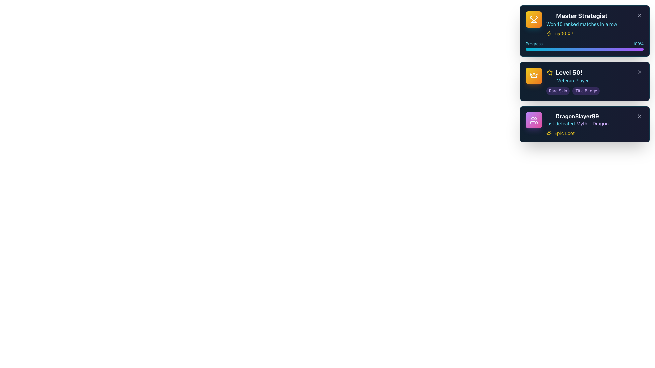 Image resolution: width=655 pixels, height=368 pixels. Describe the element at coordinates (533, 75) in the screenshot. I see `the crown icon representing the 'Level 50!' achievement located in the second notification card from the top in the right-hand column of the interface` at that location.